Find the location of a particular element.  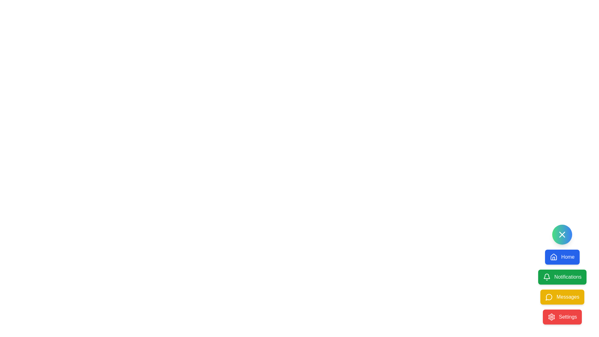

the circular button with a gradient color transitioning from green to blue, featuring a centered white 'X' icon, to activate its hover effect is located at coordinates (562, 235).